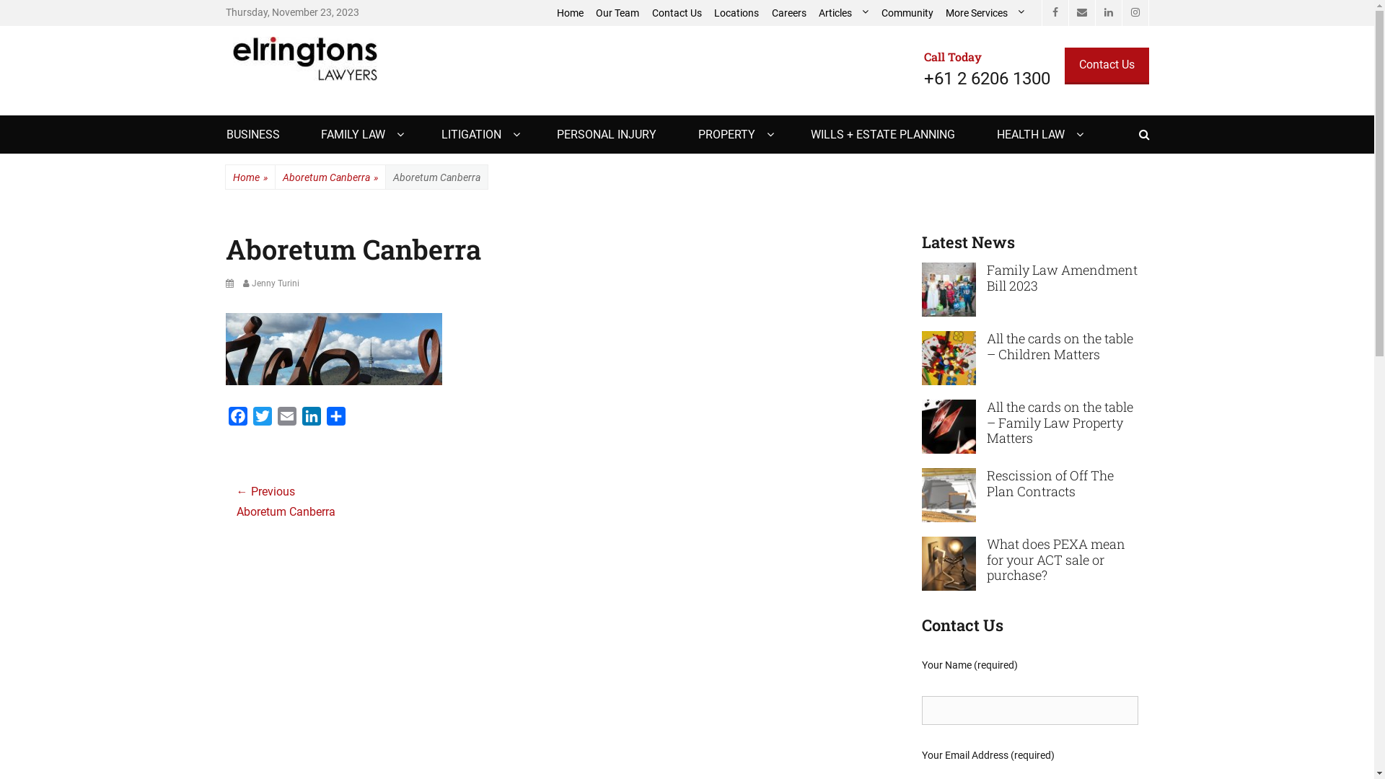  What do you see at coordinates (224, 419) in the screenshot?
I see `'Facebook'` at bounding box center [224, 419].